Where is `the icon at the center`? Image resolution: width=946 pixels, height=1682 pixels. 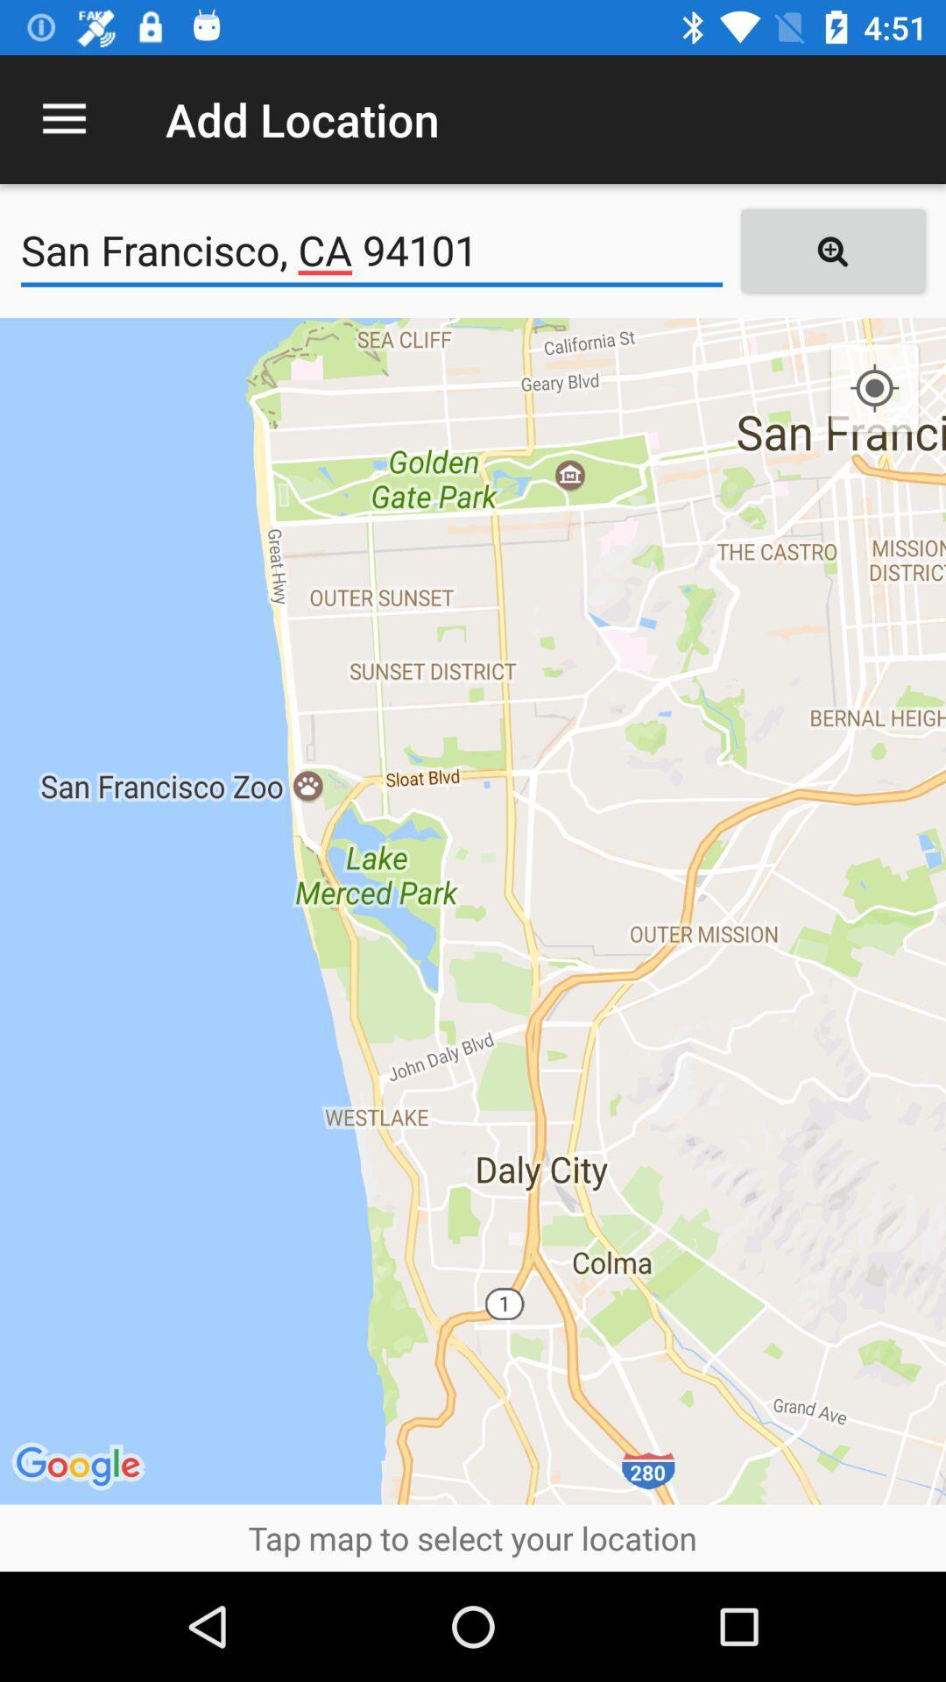 the icon at the center is located at coordinates (473, 911).